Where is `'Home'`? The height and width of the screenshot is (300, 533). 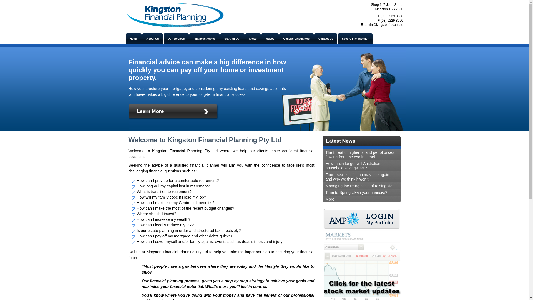
'Home' is located at coordinates (133, 38).